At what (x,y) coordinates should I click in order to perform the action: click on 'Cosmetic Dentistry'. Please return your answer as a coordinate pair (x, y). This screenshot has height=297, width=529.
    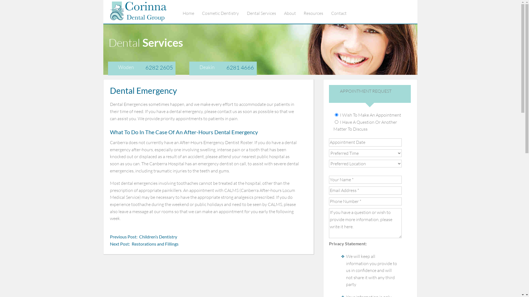
    Looking at the image, I should click on (202, 13).